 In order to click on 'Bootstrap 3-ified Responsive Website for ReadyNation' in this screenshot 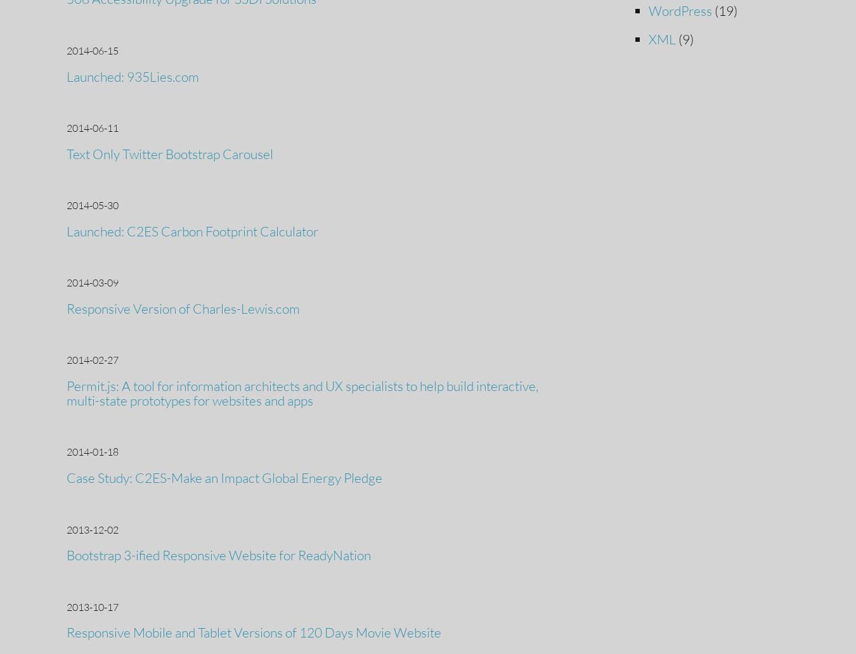, I will do `click(219, 555)`.